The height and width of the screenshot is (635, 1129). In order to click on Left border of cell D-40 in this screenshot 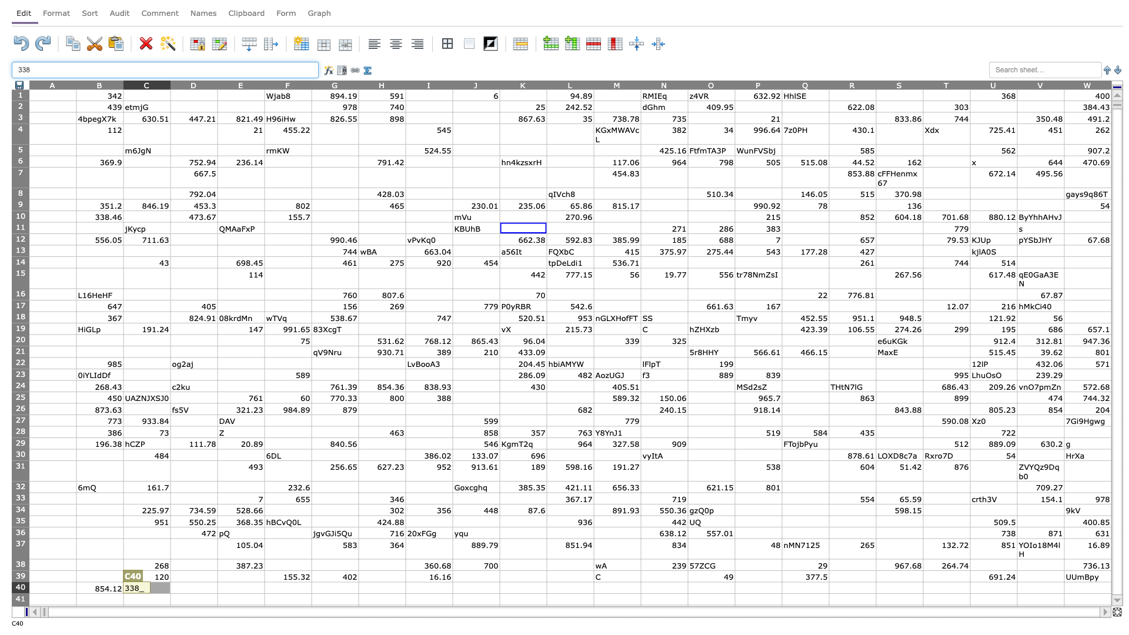, I will do `click(169, 587)`.